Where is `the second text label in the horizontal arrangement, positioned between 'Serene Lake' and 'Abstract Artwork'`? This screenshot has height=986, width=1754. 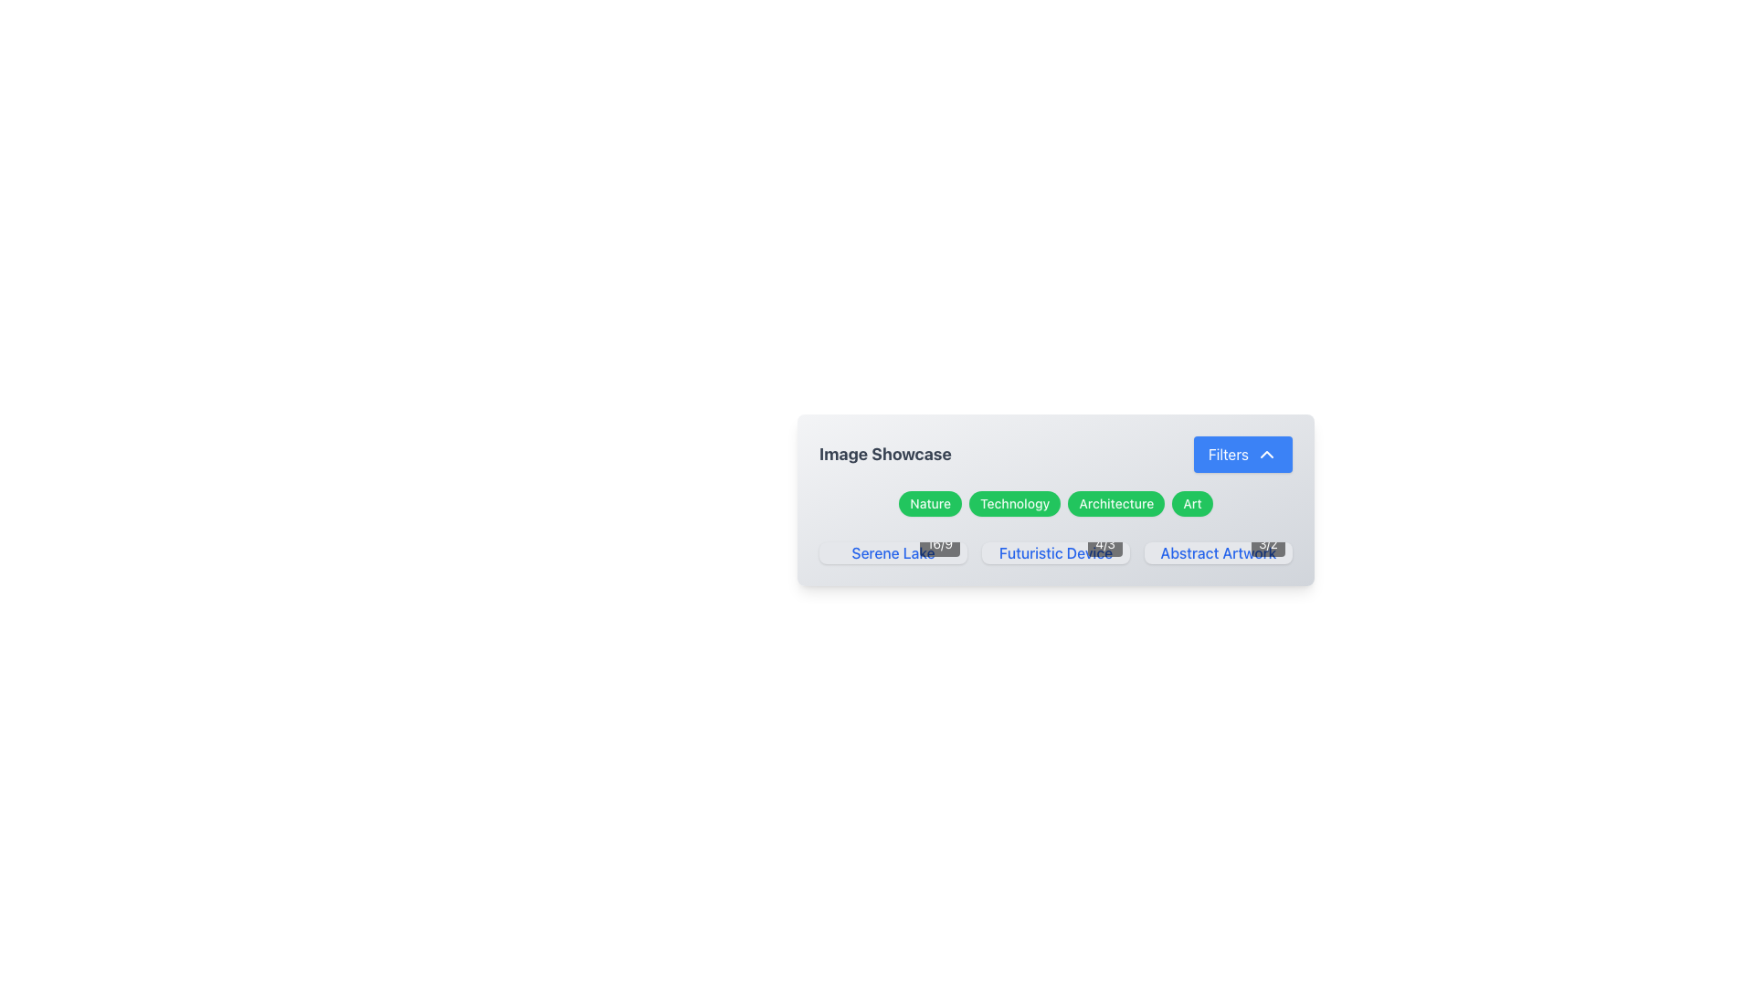
the second text label in the horizontal arrangement, positioned between 'Serene Lake' and 'Abstract Artwork' is located at coordinates (1056, 551).